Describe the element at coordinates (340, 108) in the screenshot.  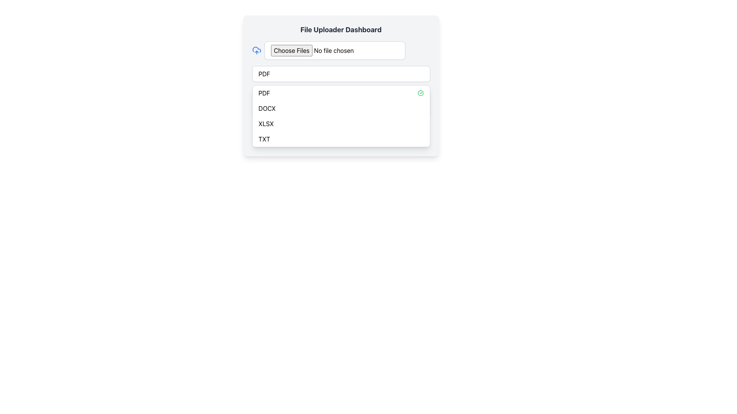
I see `the second option 'DOCX' in the dropdown menu containing four items: 'PDF', 'DOCX', 'XLSX', and 'TXT'` at that location.